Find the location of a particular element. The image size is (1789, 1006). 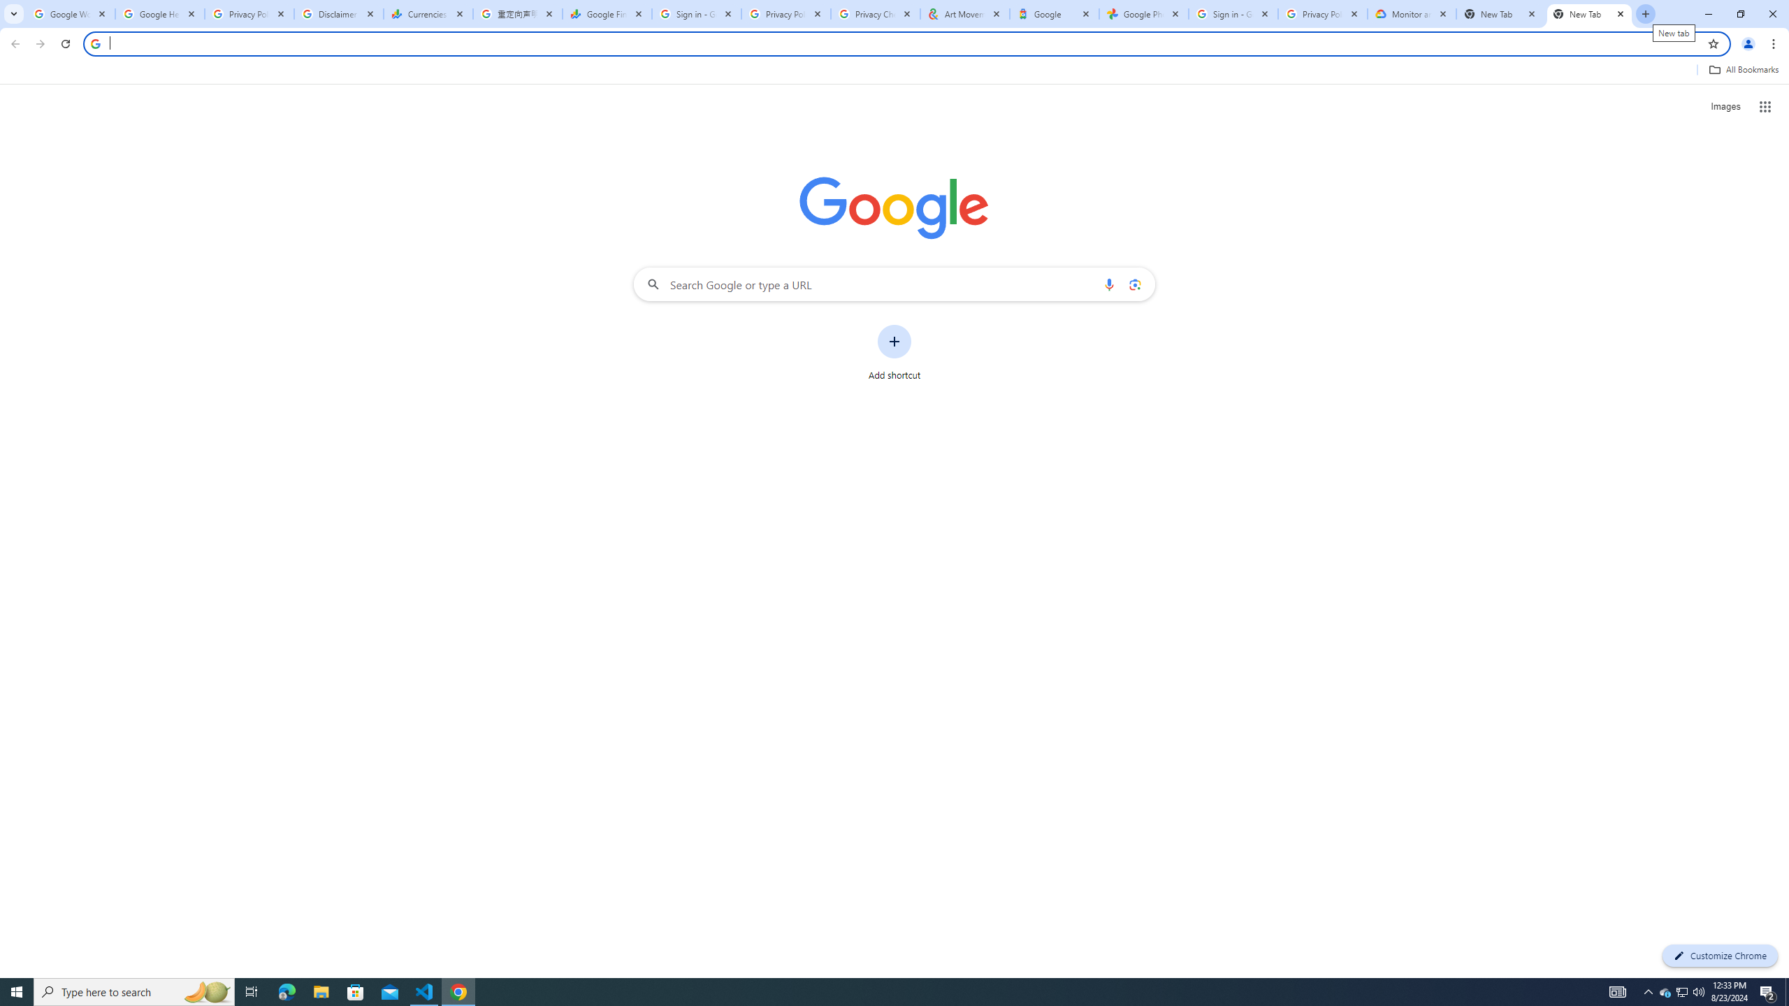

'Google Workspace Admin Community' is located at coordinates (71, 13).